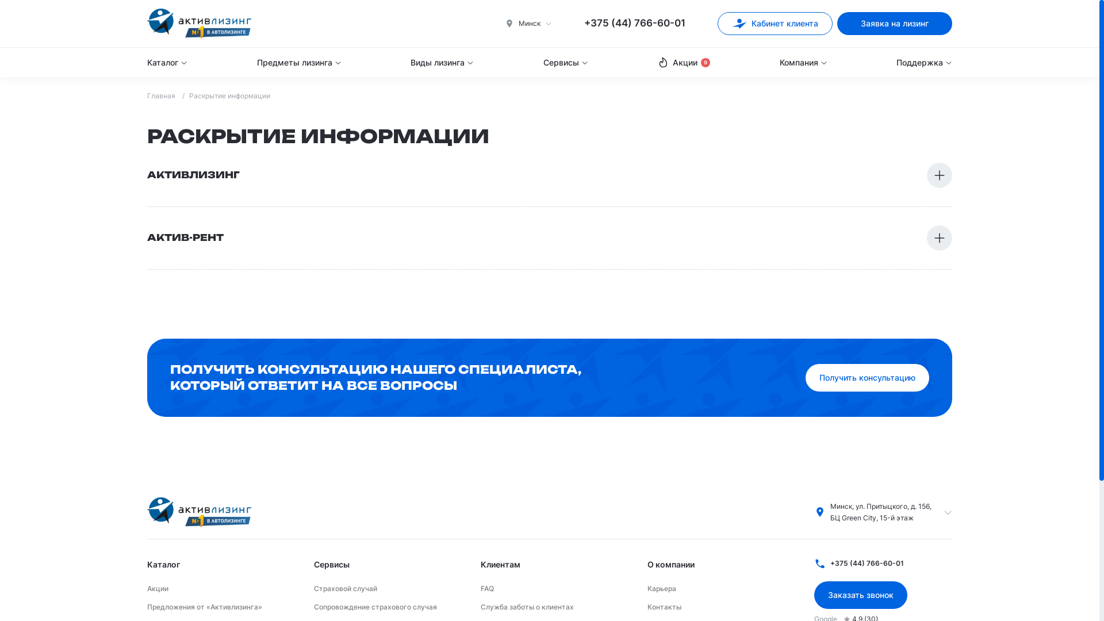 The height and width of the screenshot is (621, 1104). I want to click on 'FAQ', so click(487, 588).